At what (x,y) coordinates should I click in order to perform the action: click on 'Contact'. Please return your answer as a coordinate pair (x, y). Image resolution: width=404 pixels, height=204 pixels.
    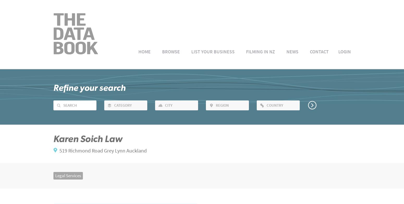
    Looking at the image, I should click on (319, 51).